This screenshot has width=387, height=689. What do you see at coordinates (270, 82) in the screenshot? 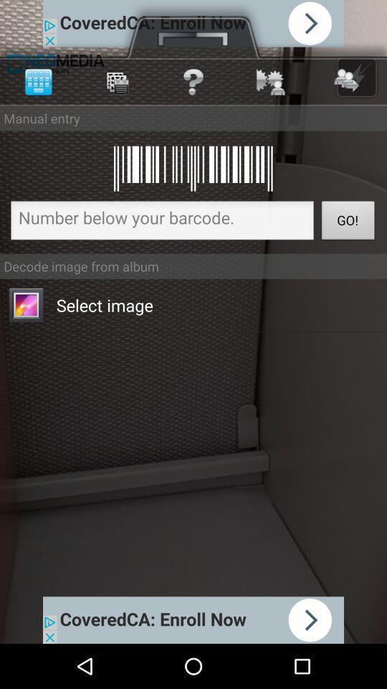
I see `the second button from the top right of the page` at bounding box center [270, 82].